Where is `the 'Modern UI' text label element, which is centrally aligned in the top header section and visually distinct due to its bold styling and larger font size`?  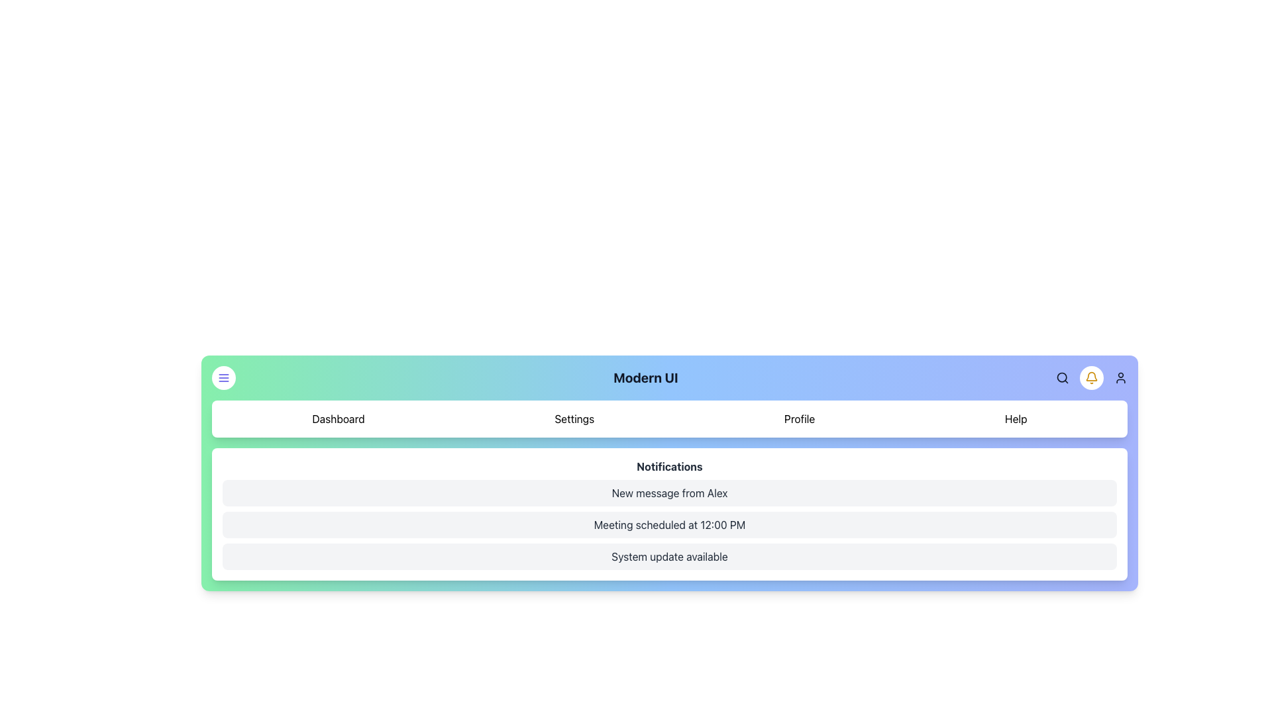
the 'Modern UI' text label element, which is centrally aligned in the top header section and visually distinct due to its bold styling and larger font size is located at coordinates (670, 377).